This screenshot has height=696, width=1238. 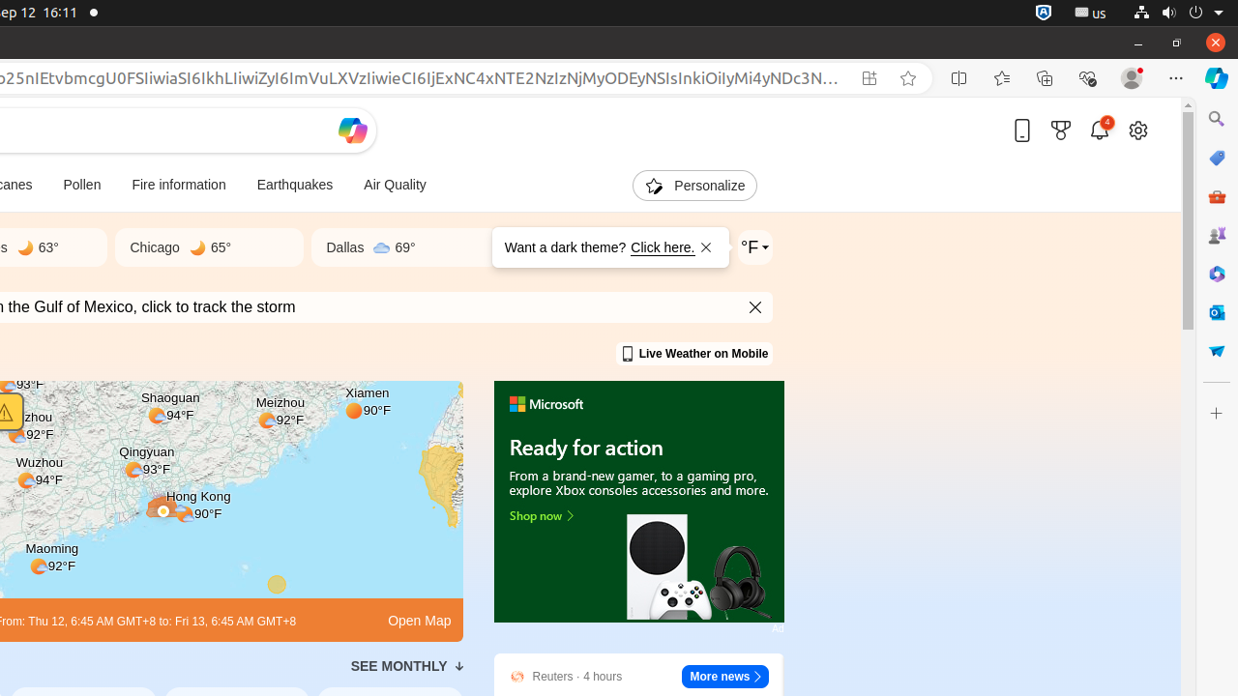 What do you see at coordinates (959, 77) in the screenshot?
I see `'Split screen'` at bounding box center [959, 77].